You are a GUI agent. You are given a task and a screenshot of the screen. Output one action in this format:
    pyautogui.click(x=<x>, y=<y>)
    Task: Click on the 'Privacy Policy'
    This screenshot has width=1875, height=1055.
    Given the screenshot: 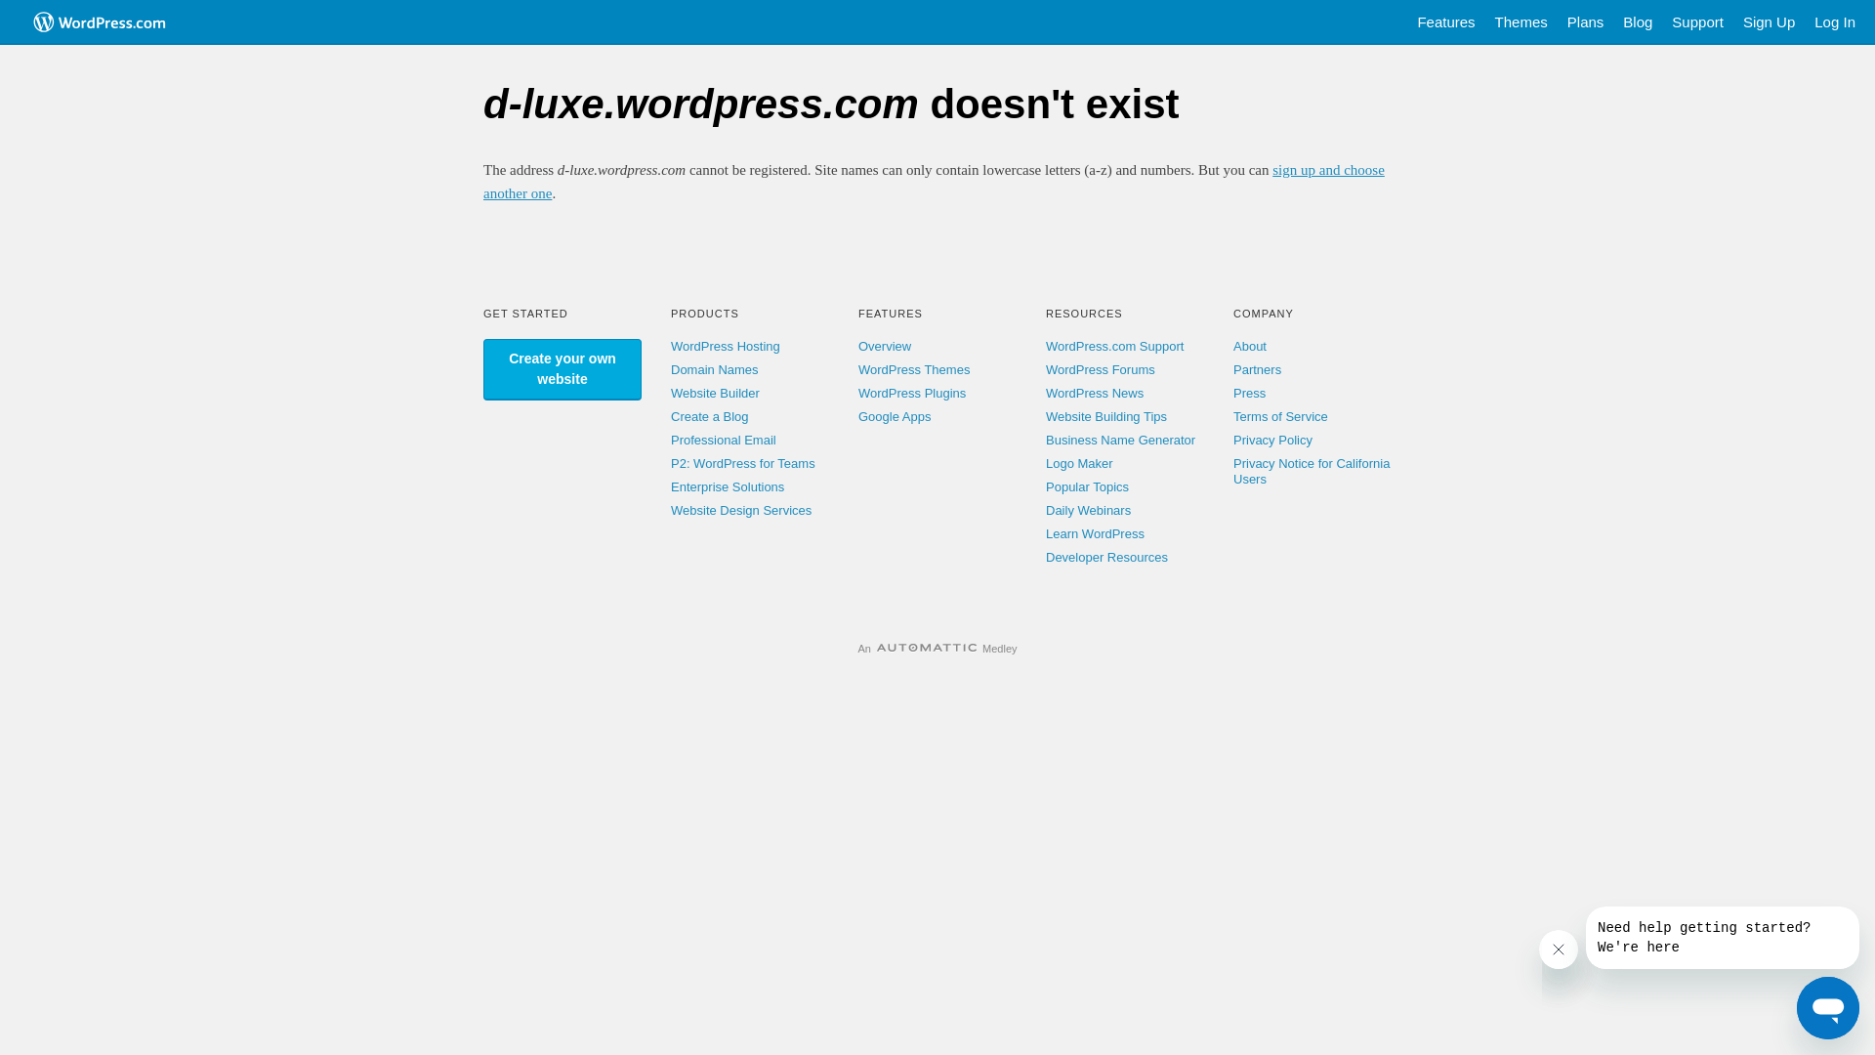 What is the action you would take?
    pyautogui.click(x=1272, y=440)
    